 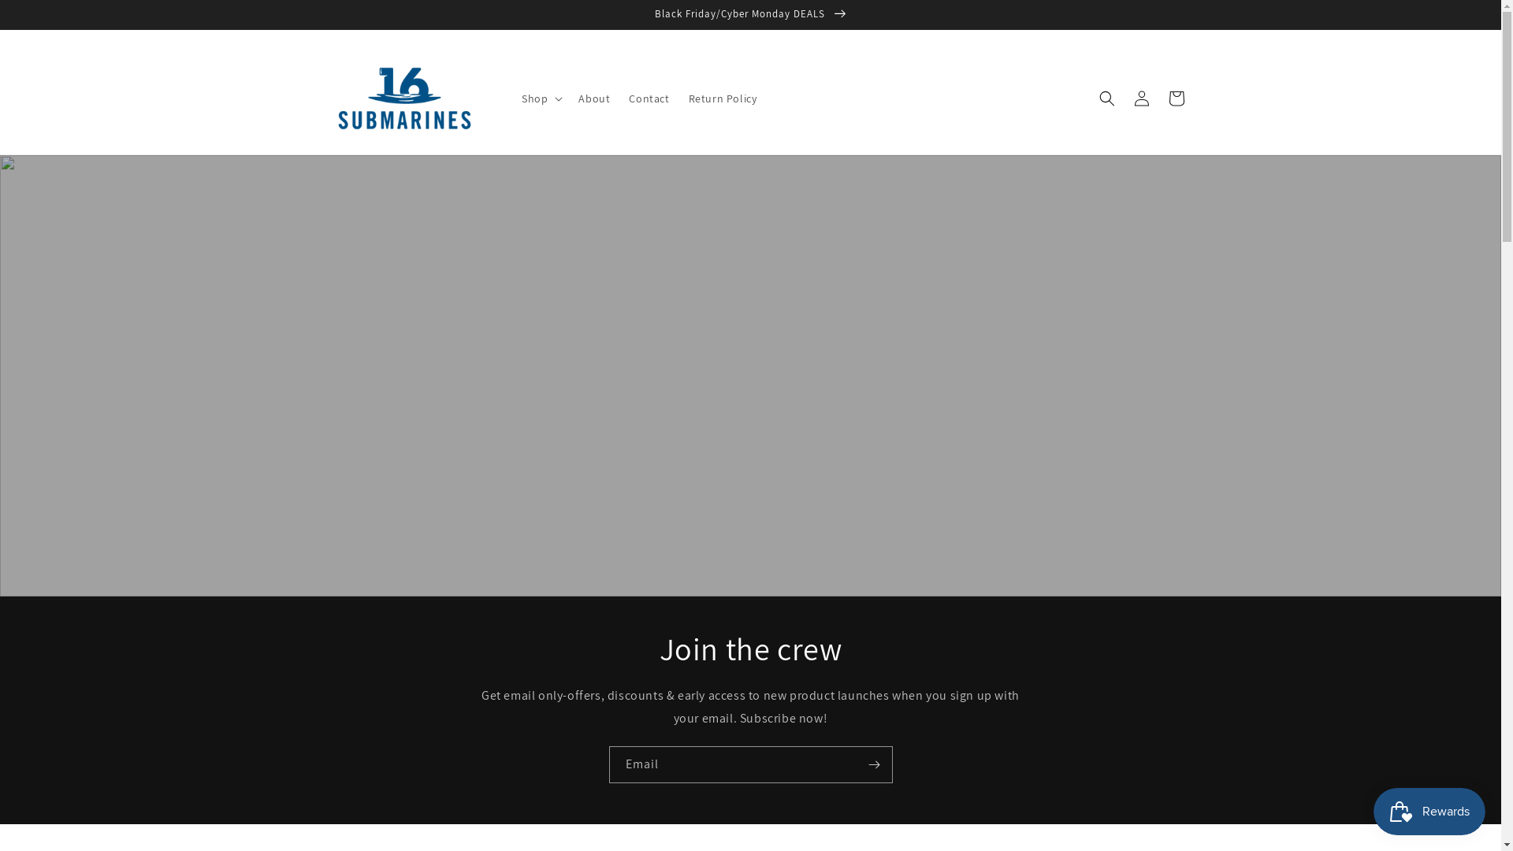 I want to click on 'Contact', so click(x=649, y=98).